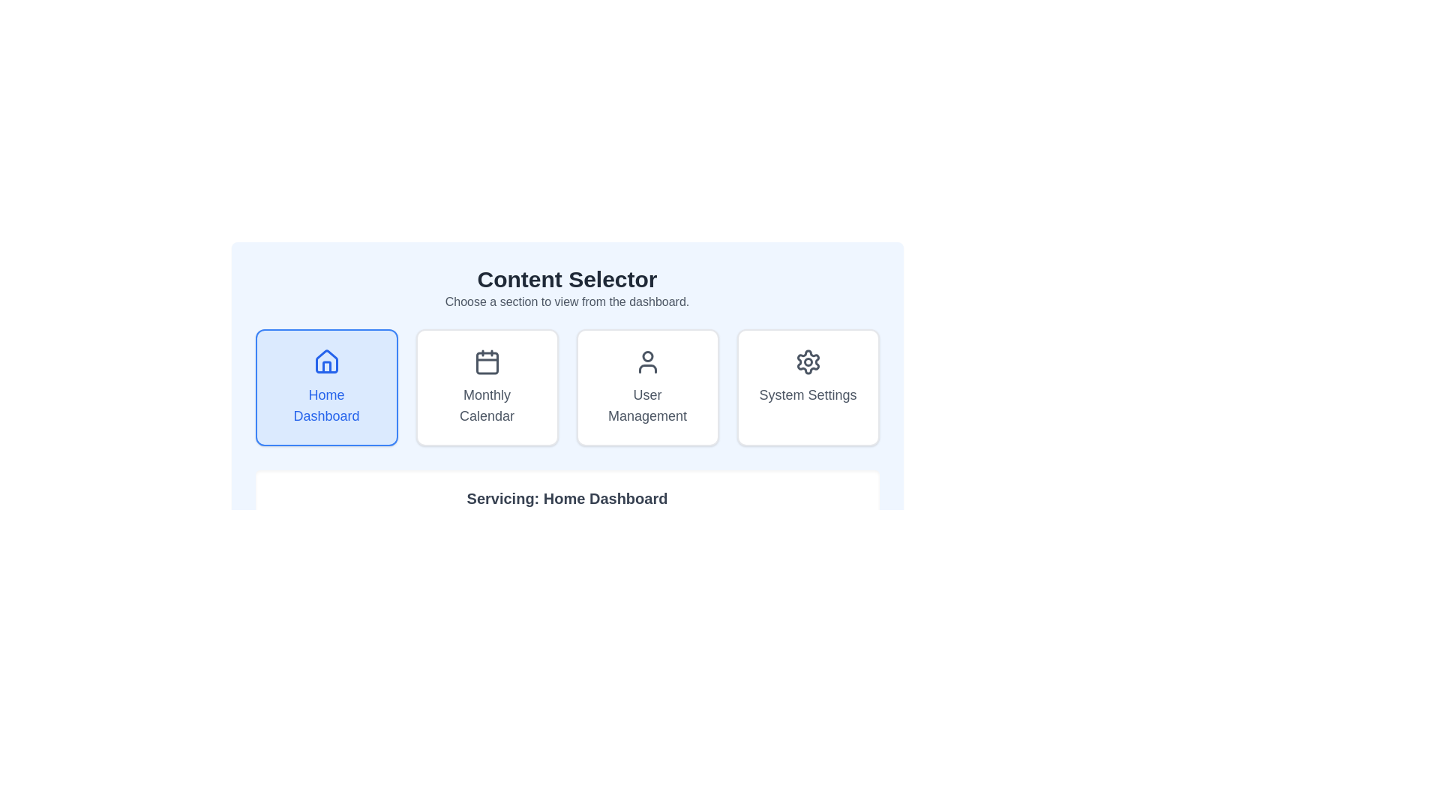 The width and height of the screenshot is (1440, 810). What do you see at coordinates (807, 386) in the screenshot?
I see `the 'System Settings' button-like interactive card` at bounding box center [807, 386].